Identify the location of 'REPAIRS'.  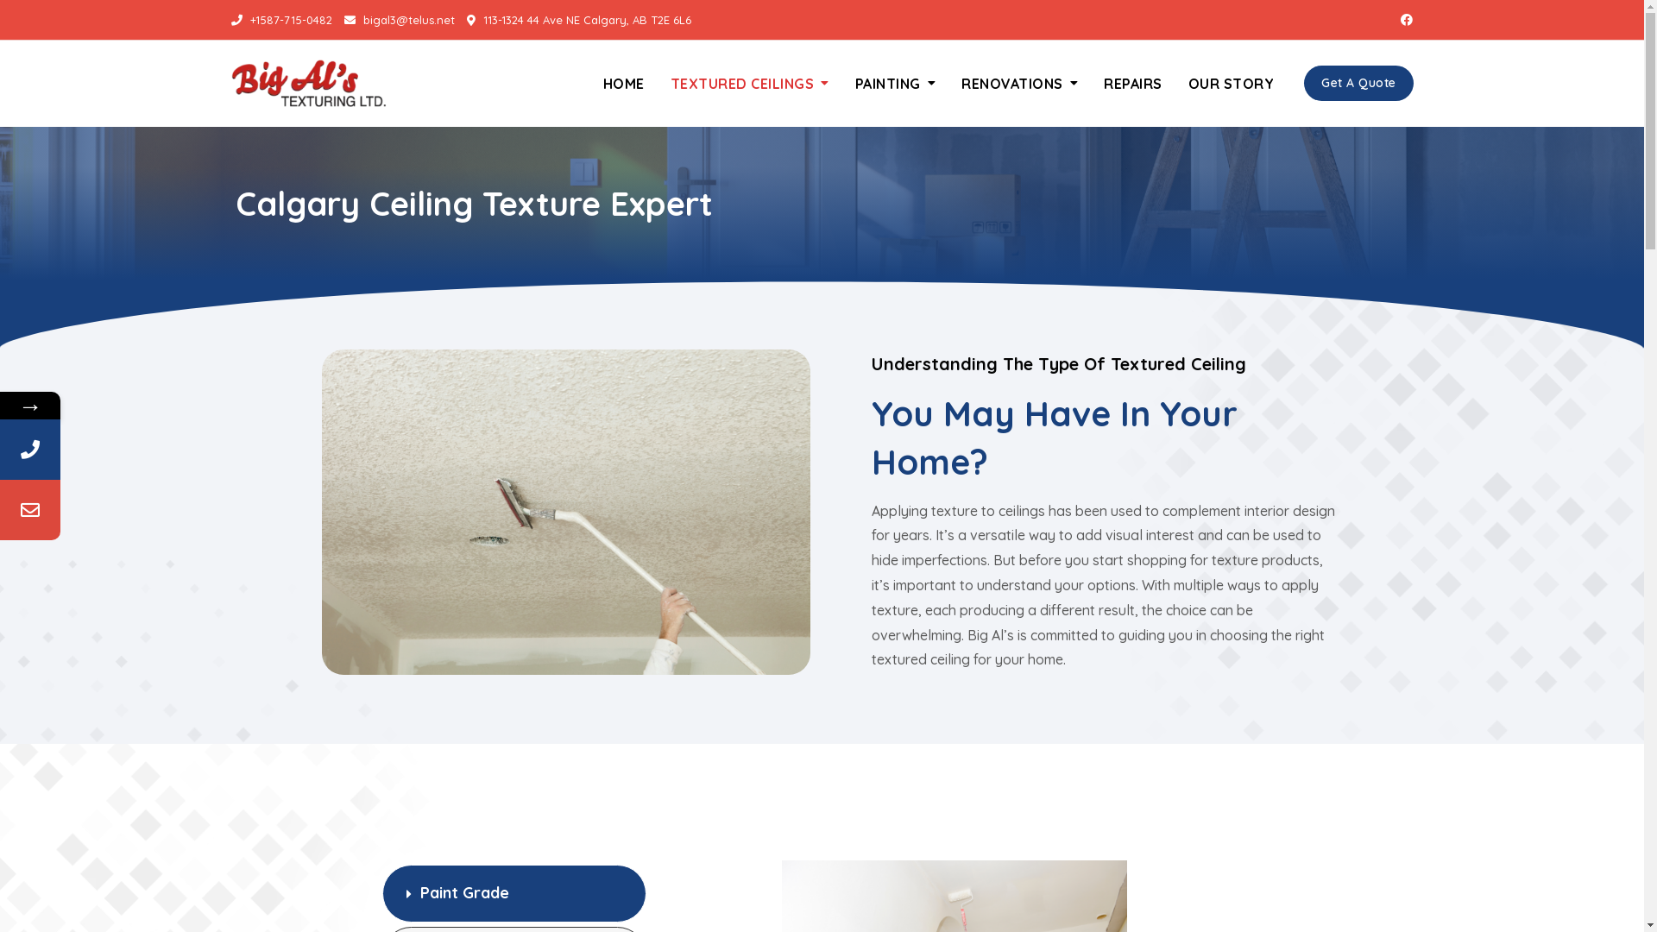
(1133, 83).